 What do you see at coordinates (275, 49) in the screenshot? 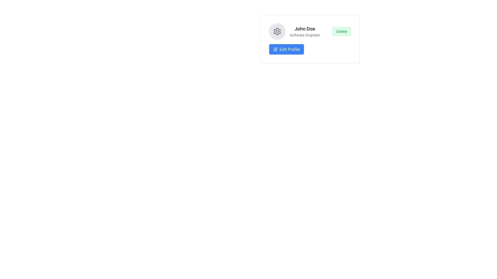
I see `the 'Edit Profile' button containing the pen icon, which is located in the lower-left area of the profile card` at bounding box center [275, 49].